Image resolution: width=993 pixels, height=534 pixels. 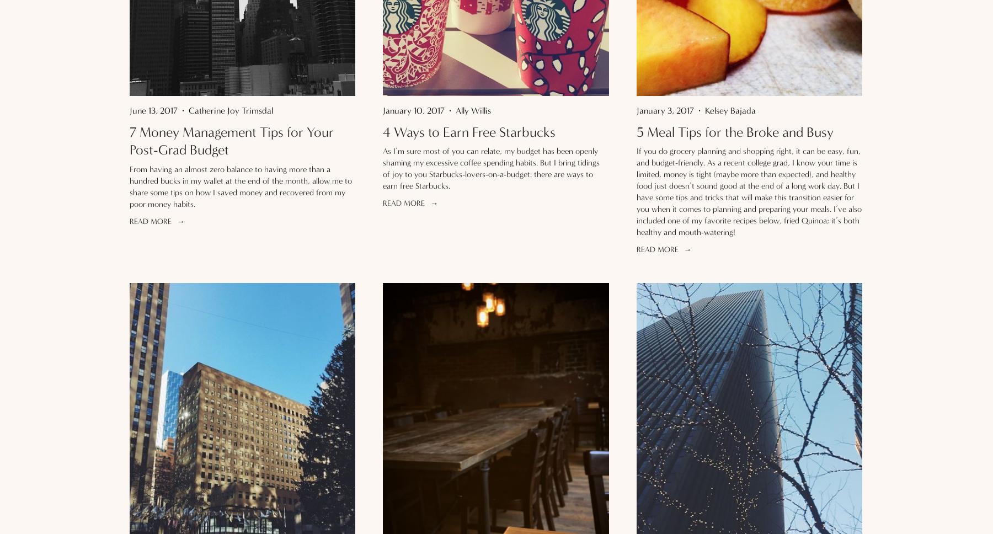 What do you see at coordinates (413, 110) in the screenshot?
I see `'January 10, 2017'` at bounding box center [413, 110].